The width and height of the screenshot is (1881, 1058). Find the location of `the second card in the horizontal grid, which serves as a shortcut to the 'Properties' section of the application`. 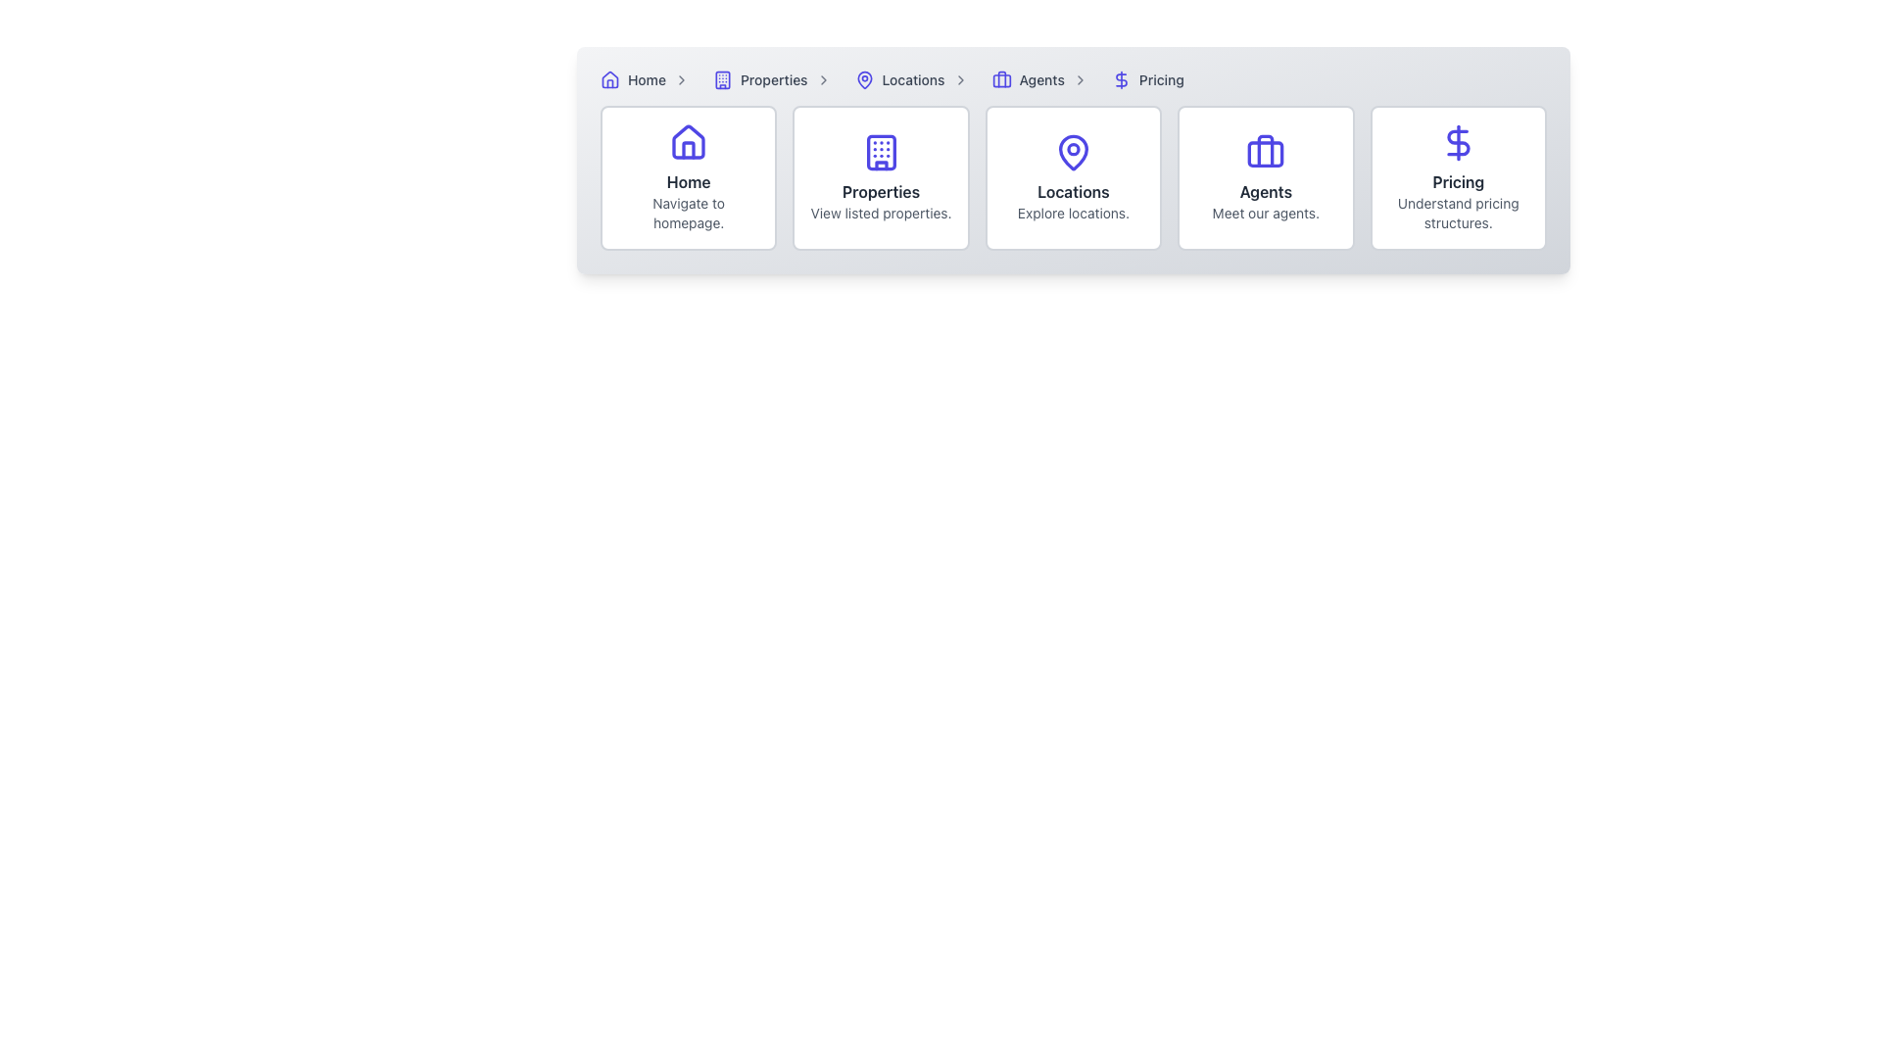

the second card in the horizontal grid, which serves as a shortcut to the 'Properties' section of the application is located at coordinates (880, 177).